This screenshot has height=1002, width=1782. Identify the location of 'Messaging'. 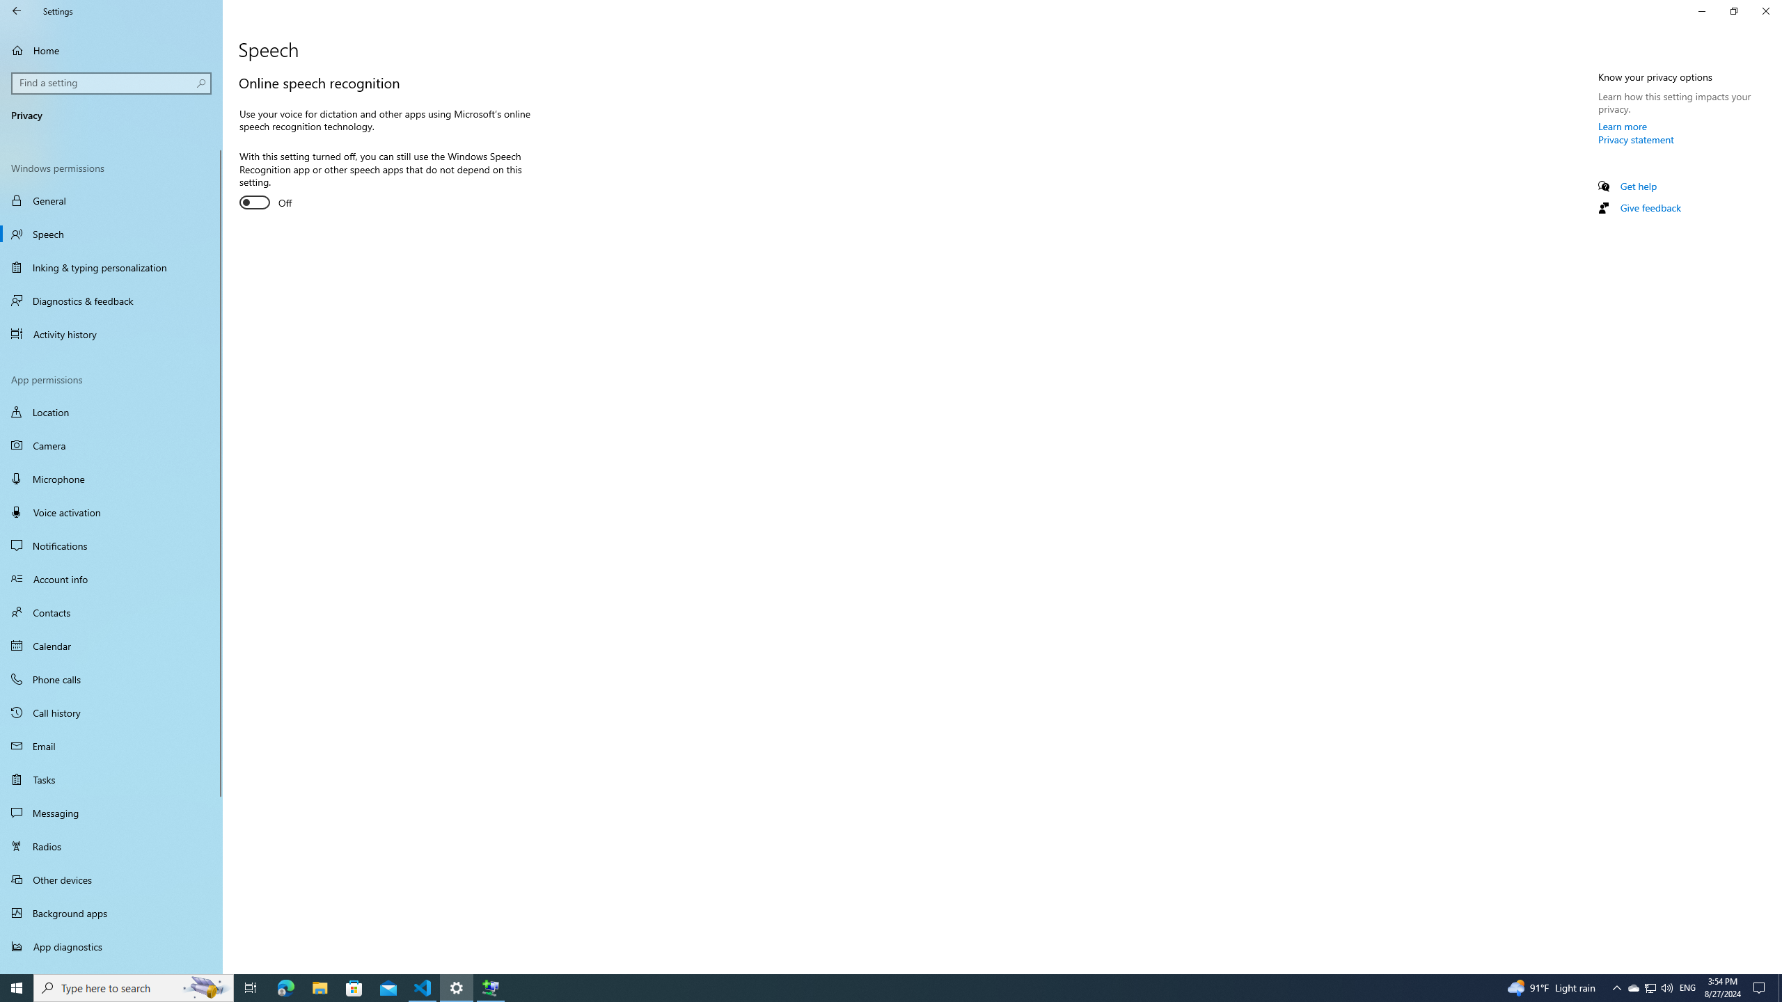
(111, 812).